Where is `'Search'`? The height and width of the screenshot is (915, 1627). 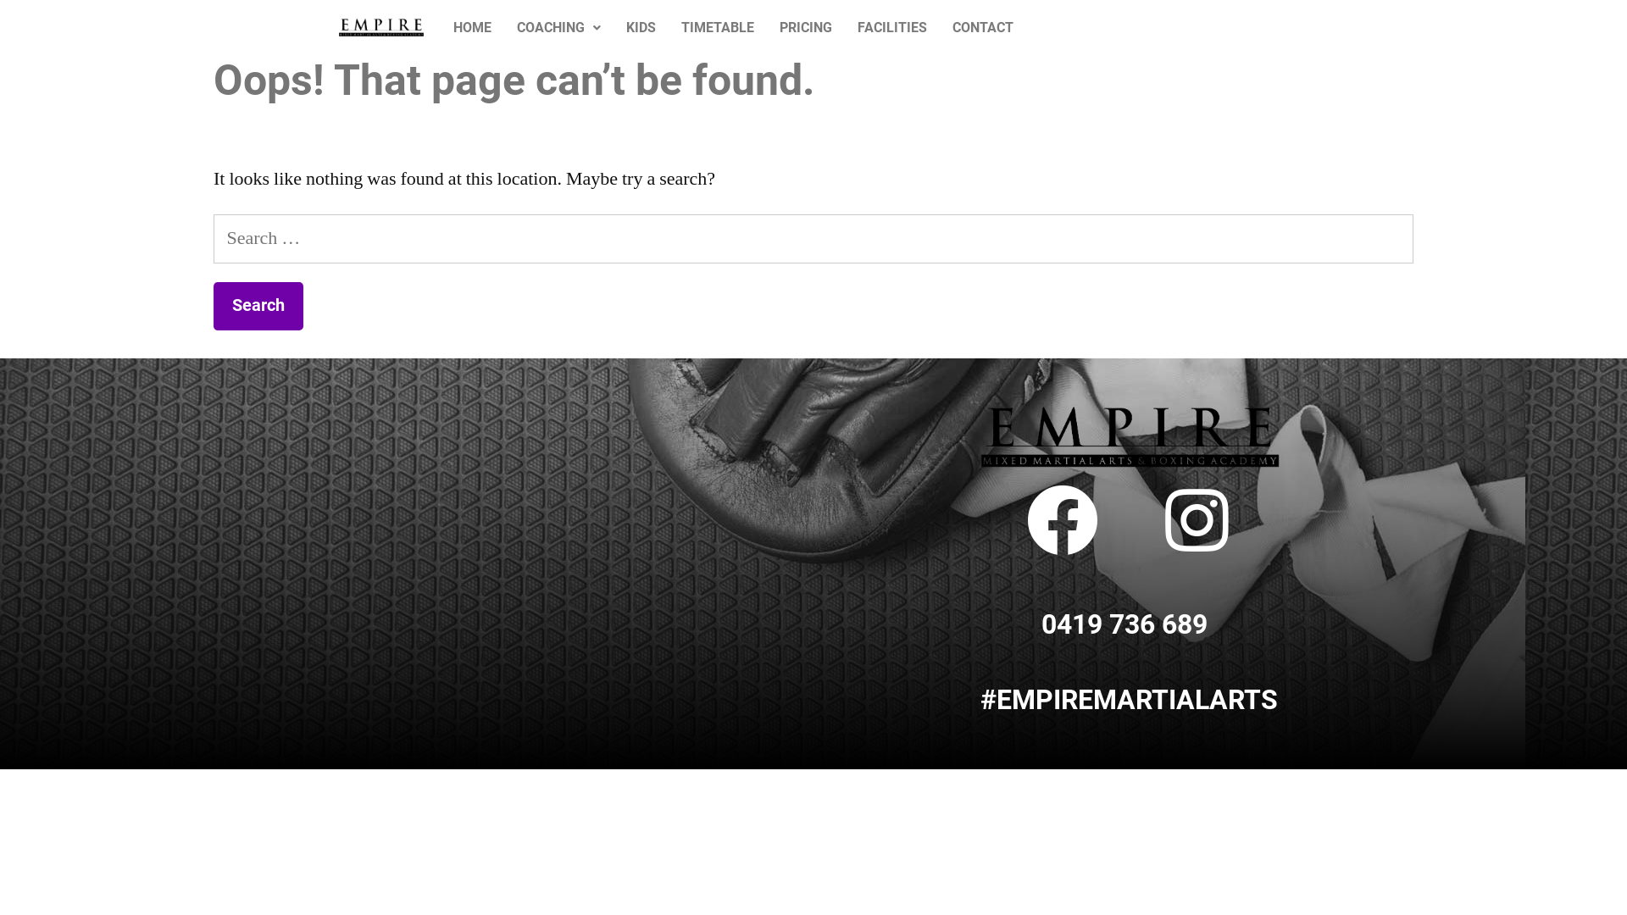 'Search' is located at coordinates (258, 306).